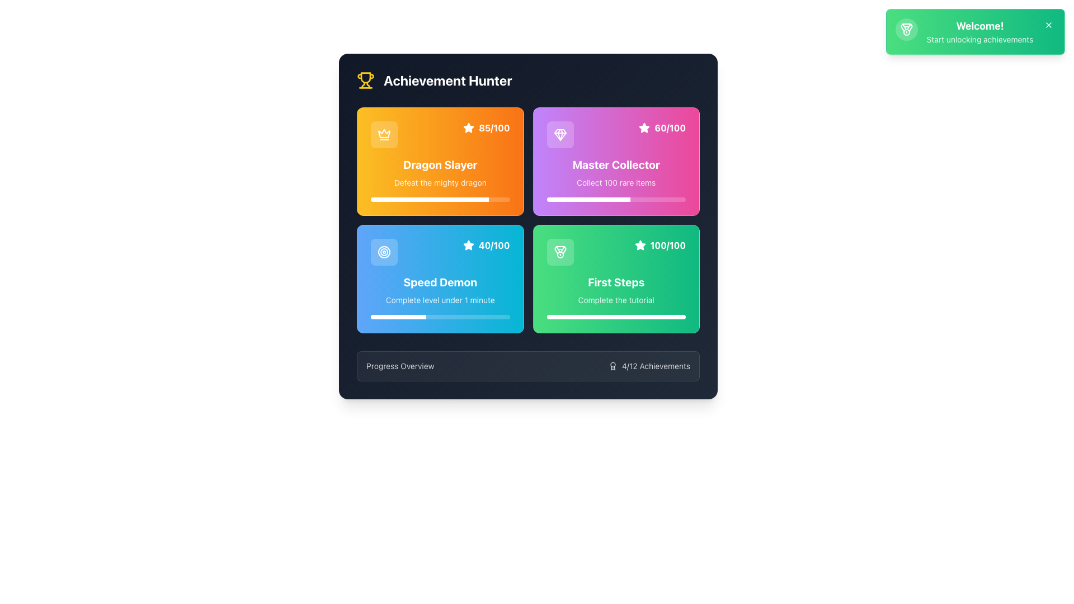  What do you see at coordinates (447, 79) in the screenshot?
I see `the text label that serves as the section header for achievements, located to the right of the trophy icon in the top-left section of the card` at bounding box center [447, 79].